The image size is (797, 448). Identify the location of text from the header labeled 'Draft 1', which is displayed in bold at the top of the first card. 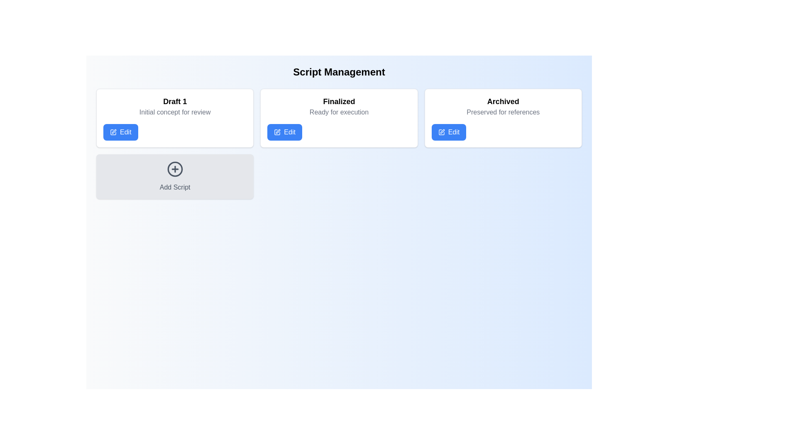
(174, 101).